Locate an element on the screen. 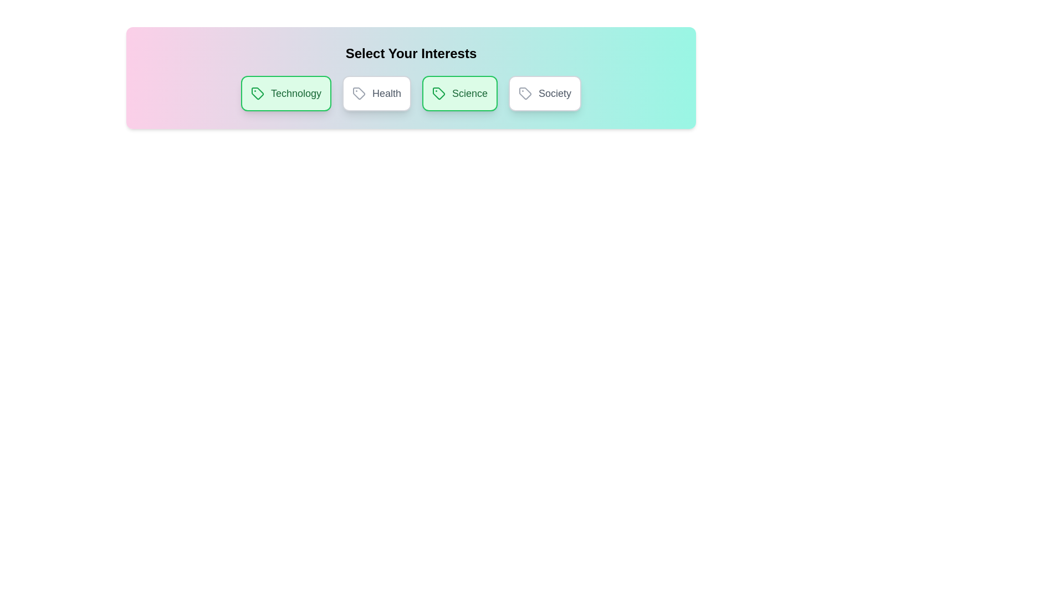 Image resolution: width=1064 pixels, height=598 pixels. the chip labeled Health is located at coordinates (377, 93).